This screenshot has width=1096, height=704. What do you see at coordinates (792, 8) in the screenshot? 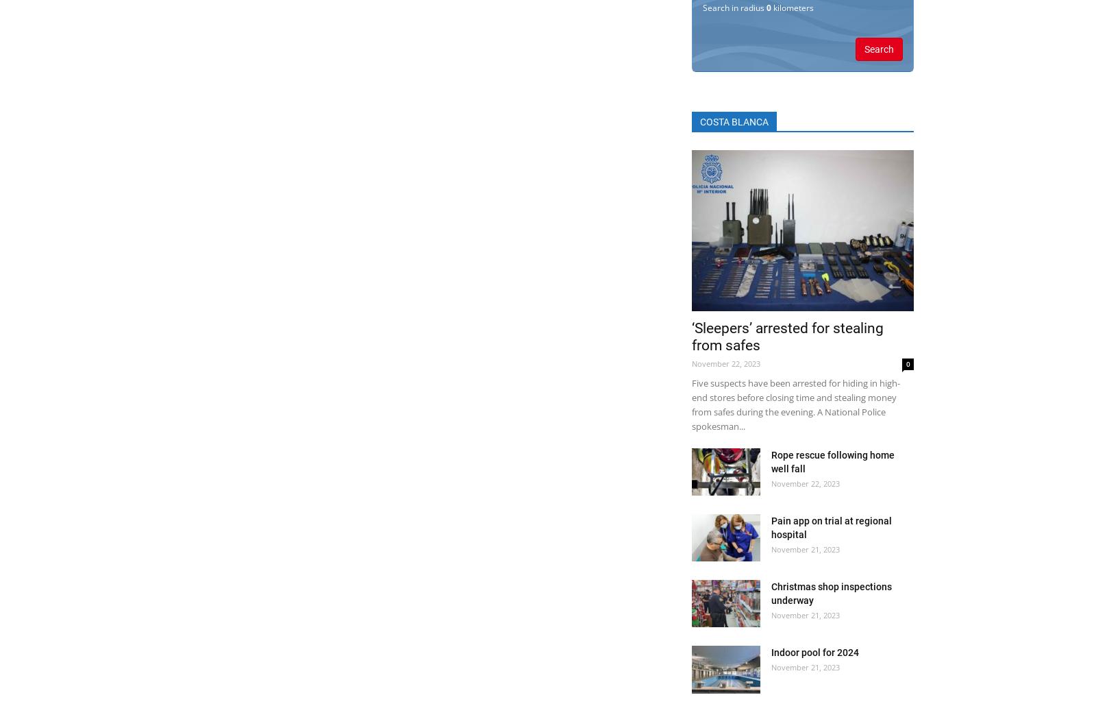
I see `'kilometers'` at bounding box center [792, 8].